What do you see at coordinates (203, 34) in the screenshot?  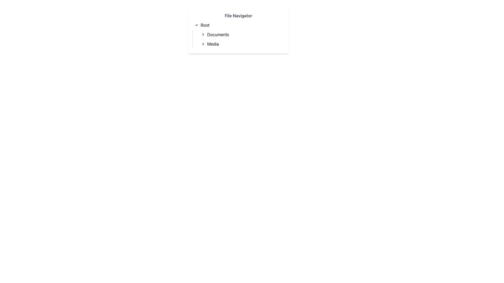 I see `the expandable/collapsible icon next to the 'Documents' label in the file navigator` at bounding box center [203, 34].